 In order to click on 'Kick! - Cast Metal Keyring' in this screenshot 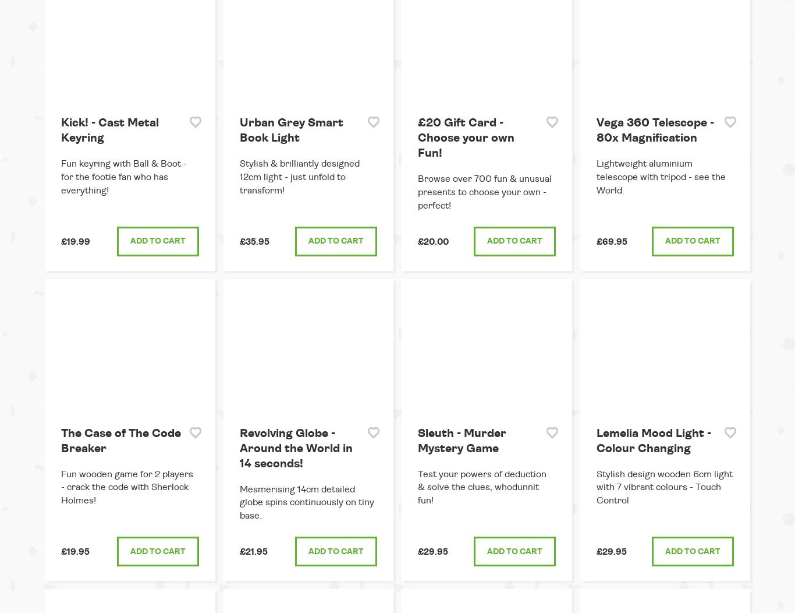, I will do `click(109, 129)`.